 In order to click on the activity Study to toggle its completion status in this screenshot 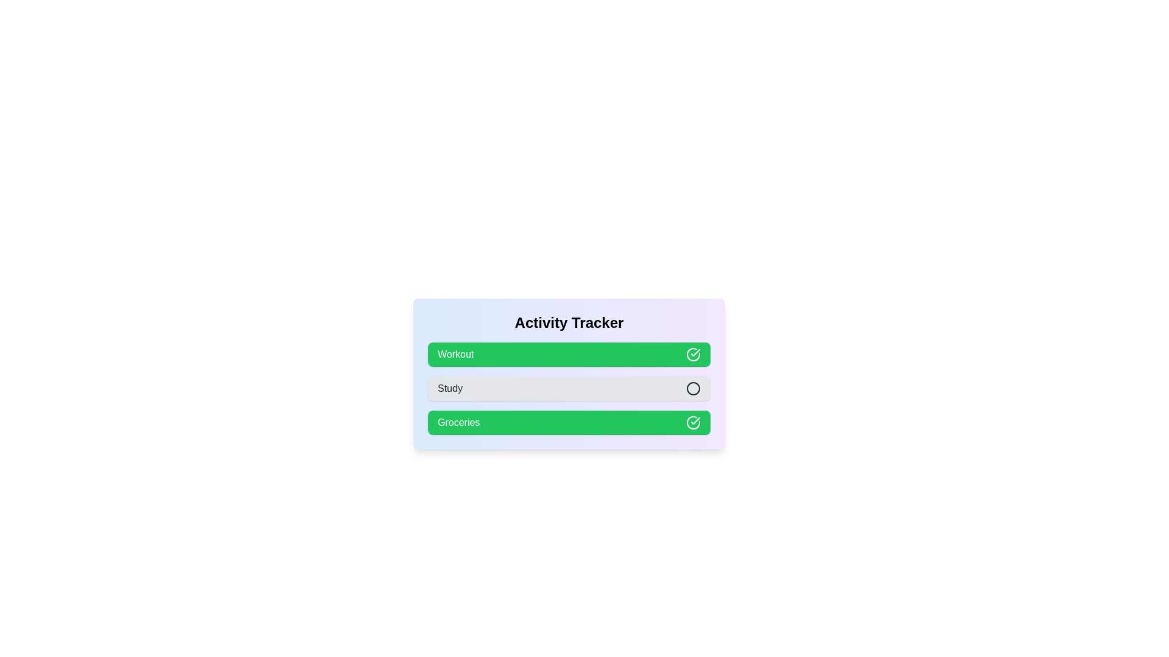, I will do `click(569, 389)`.